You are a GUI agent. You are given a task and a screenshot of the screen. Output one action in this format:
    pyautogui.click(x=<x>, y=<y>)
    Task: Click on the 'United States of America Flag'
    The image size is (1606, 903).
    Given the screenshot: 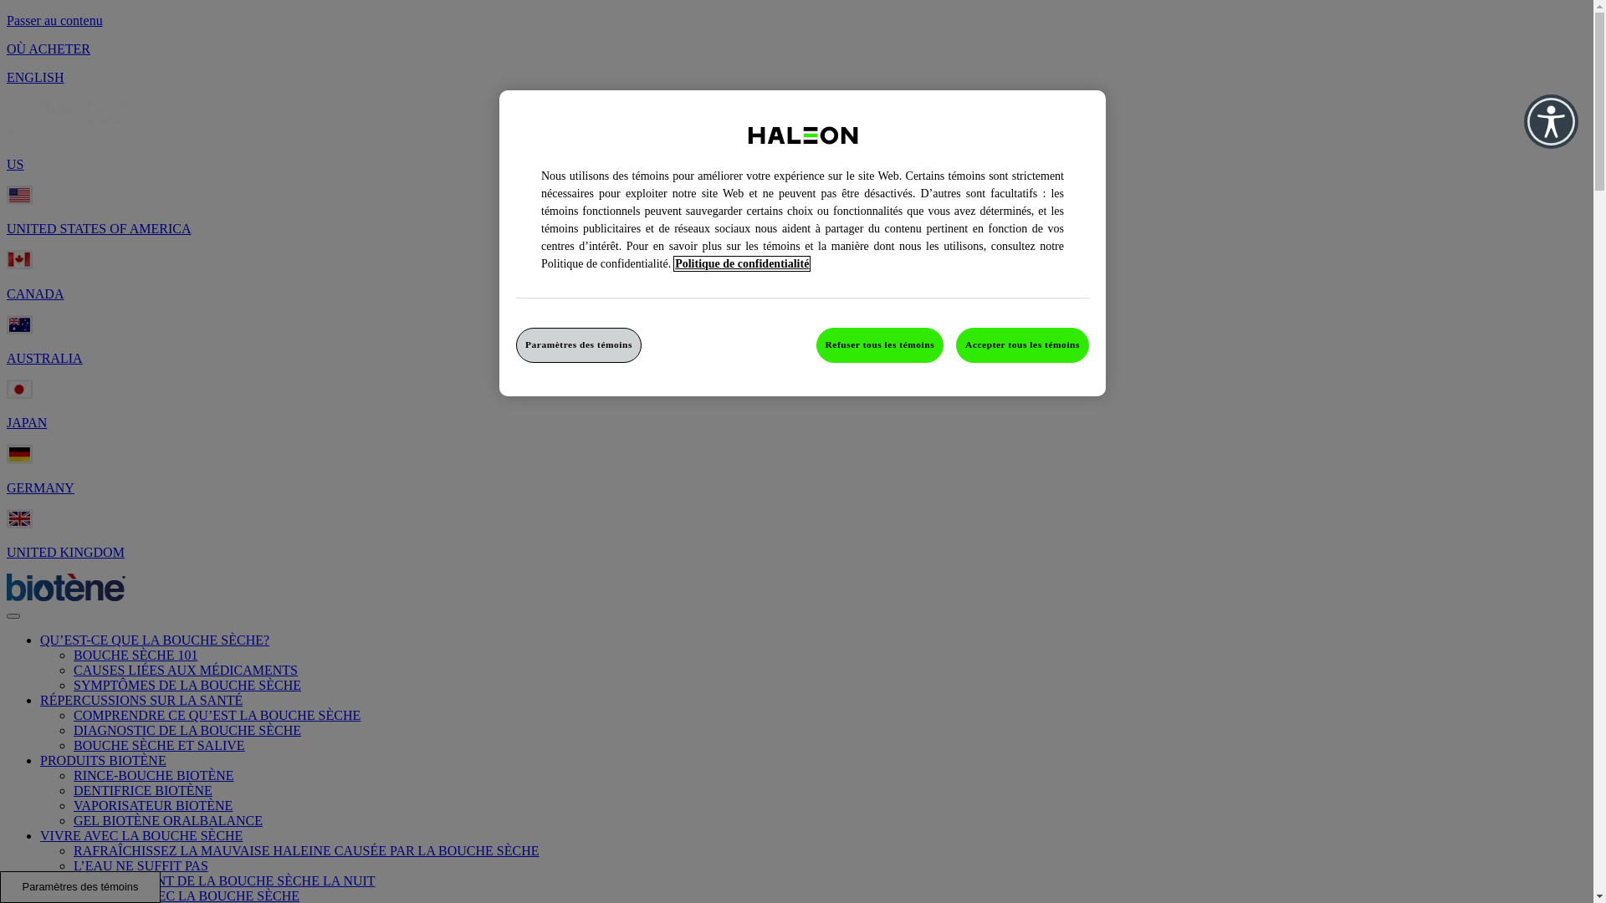 What is the action you would take?
    pyautogui.click(x=19, y=194)
    